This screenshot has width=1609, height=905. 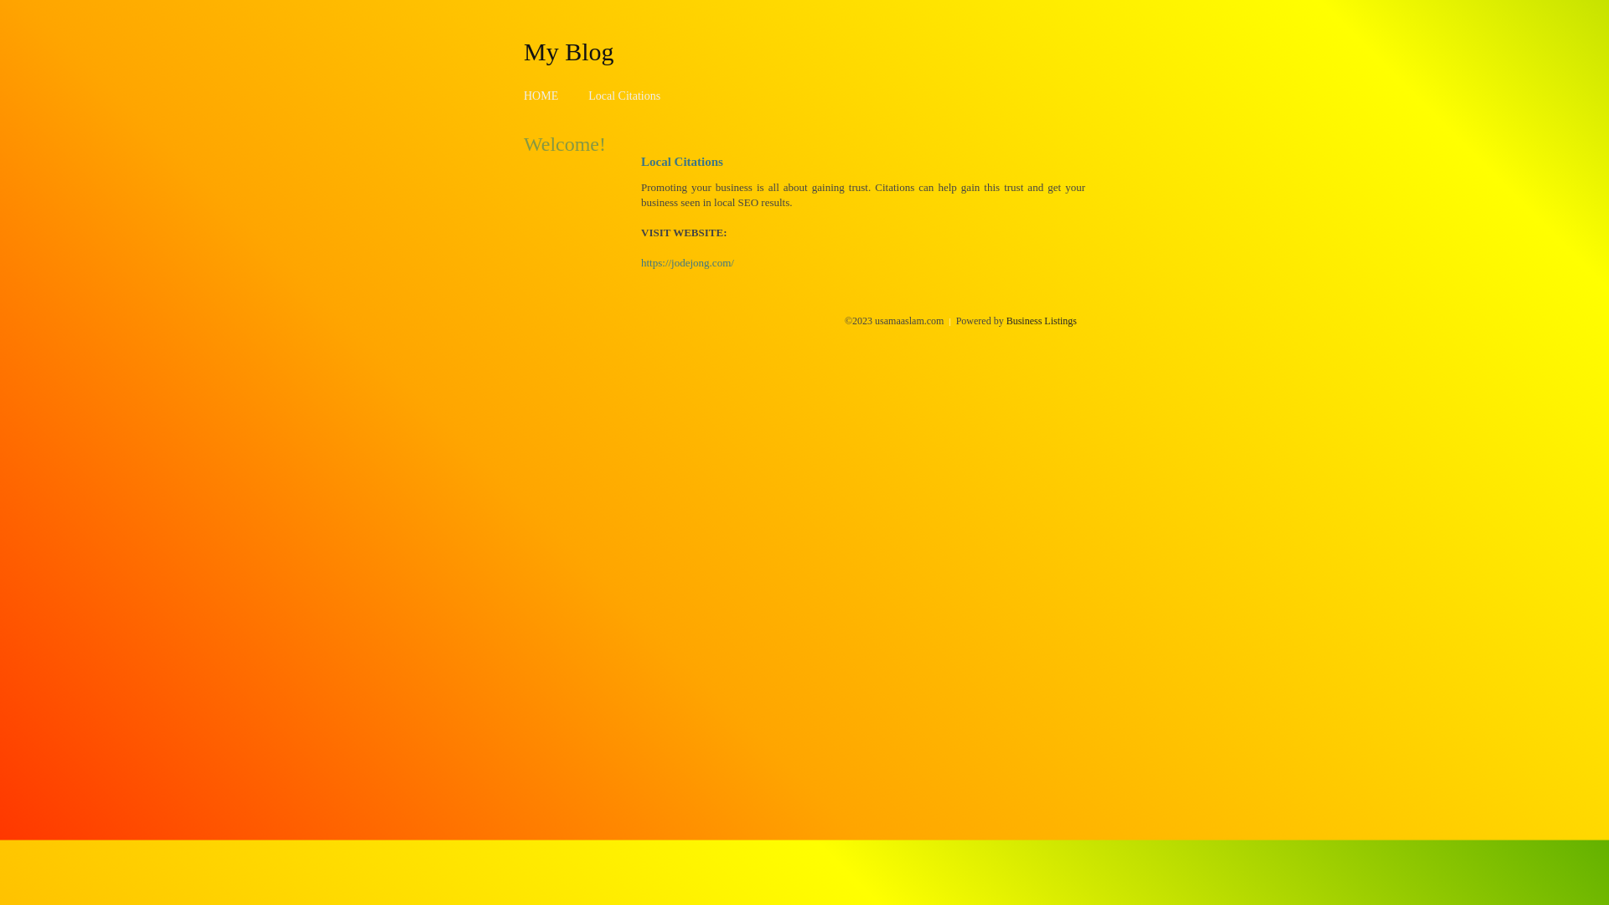 What do you see at coordinates (568, 50) in the screenshot?
I see `'My Blog'` at bounding box center [568, 50].